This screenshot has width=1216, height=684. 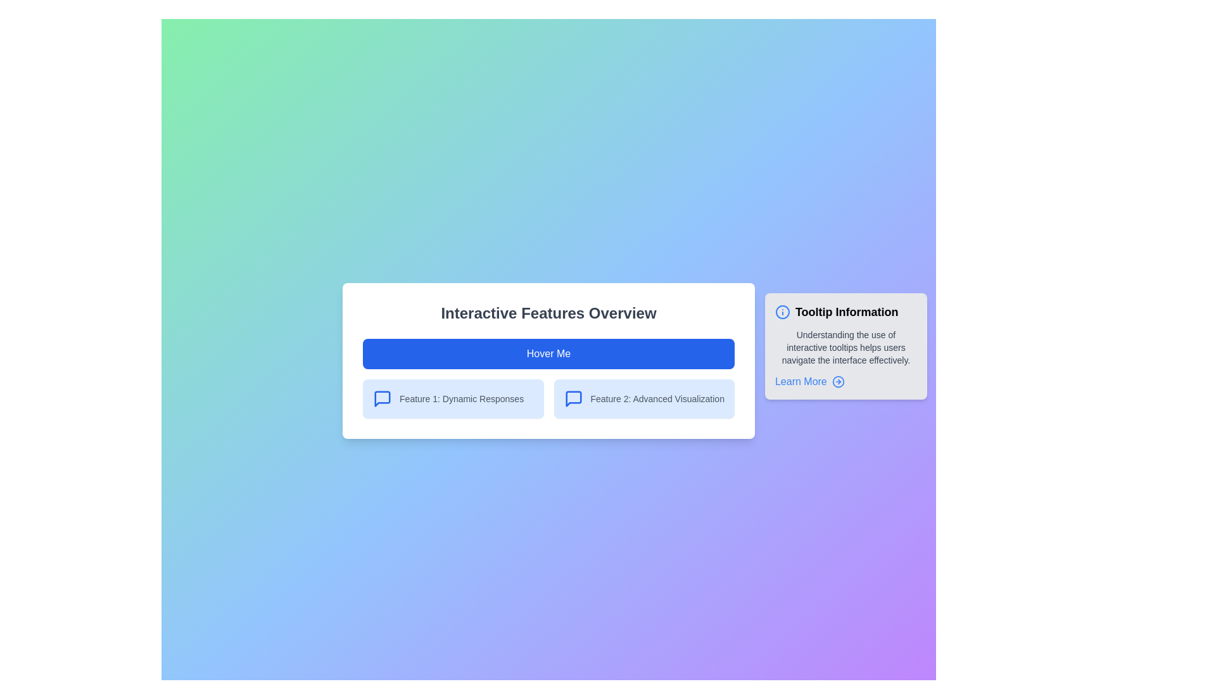 What do you see at coordinates (548, 377) in the screenshot?
I see `the 'Hover Me' button` at bounding box center [548, 377].